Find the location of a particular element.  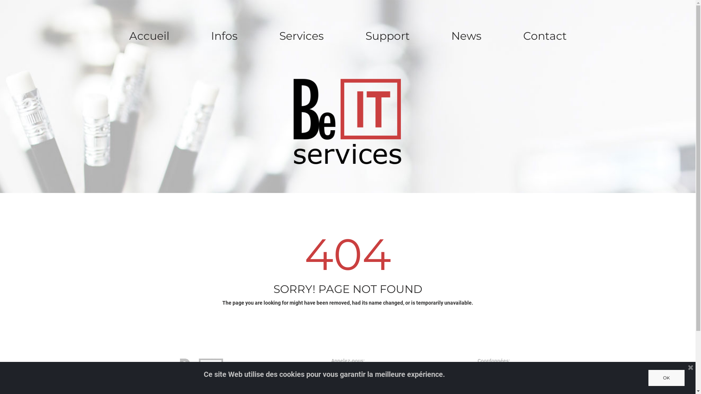

'+32 (0) 479 11 20 60' is located at coordinates (347, 385).